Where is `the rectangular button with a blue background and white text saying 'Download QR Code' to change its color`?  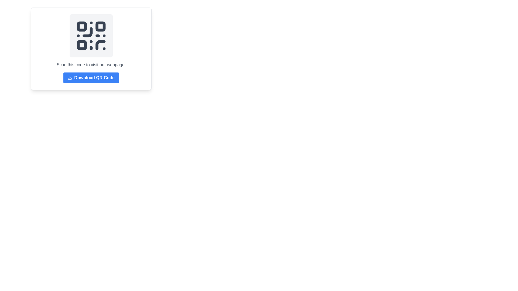
the rectangular button with a blue background and white text saying 'Download QR Code' to change its color is located at coordinates (91, 78).